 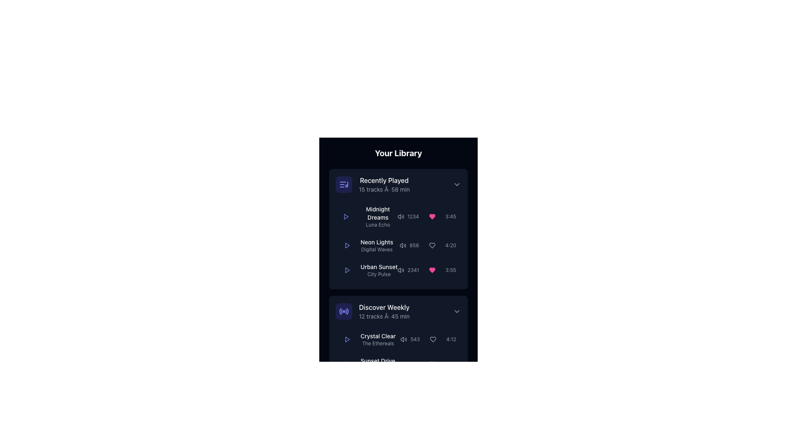 I want to click on the text label 'Midnight Dreams' displayed in white color, which is located in the first list item under the 'Recently Played' section of the interface, so click(x=377, y=213).